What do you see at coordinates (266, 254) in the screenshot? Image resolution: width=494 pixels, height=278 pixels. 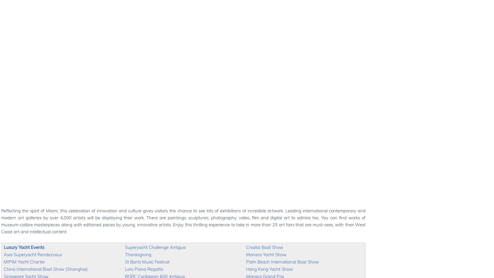 I see `'Monaco Yacht Show'` at bounding box center [266, 254].